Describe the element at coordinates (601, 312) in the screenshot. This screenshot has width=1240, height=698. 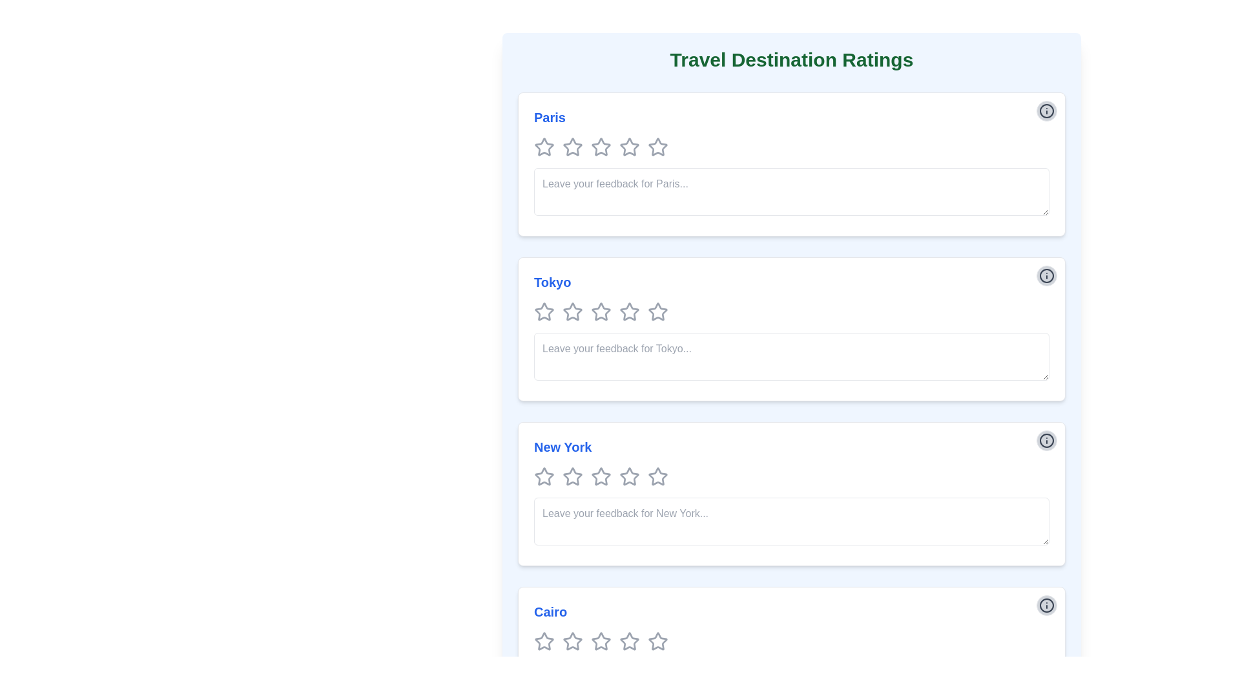
I see `the fourth star-shaped icon in the 'Tokyo' section of the 'Travel Destination Ratings' interface to rate it` at that location.